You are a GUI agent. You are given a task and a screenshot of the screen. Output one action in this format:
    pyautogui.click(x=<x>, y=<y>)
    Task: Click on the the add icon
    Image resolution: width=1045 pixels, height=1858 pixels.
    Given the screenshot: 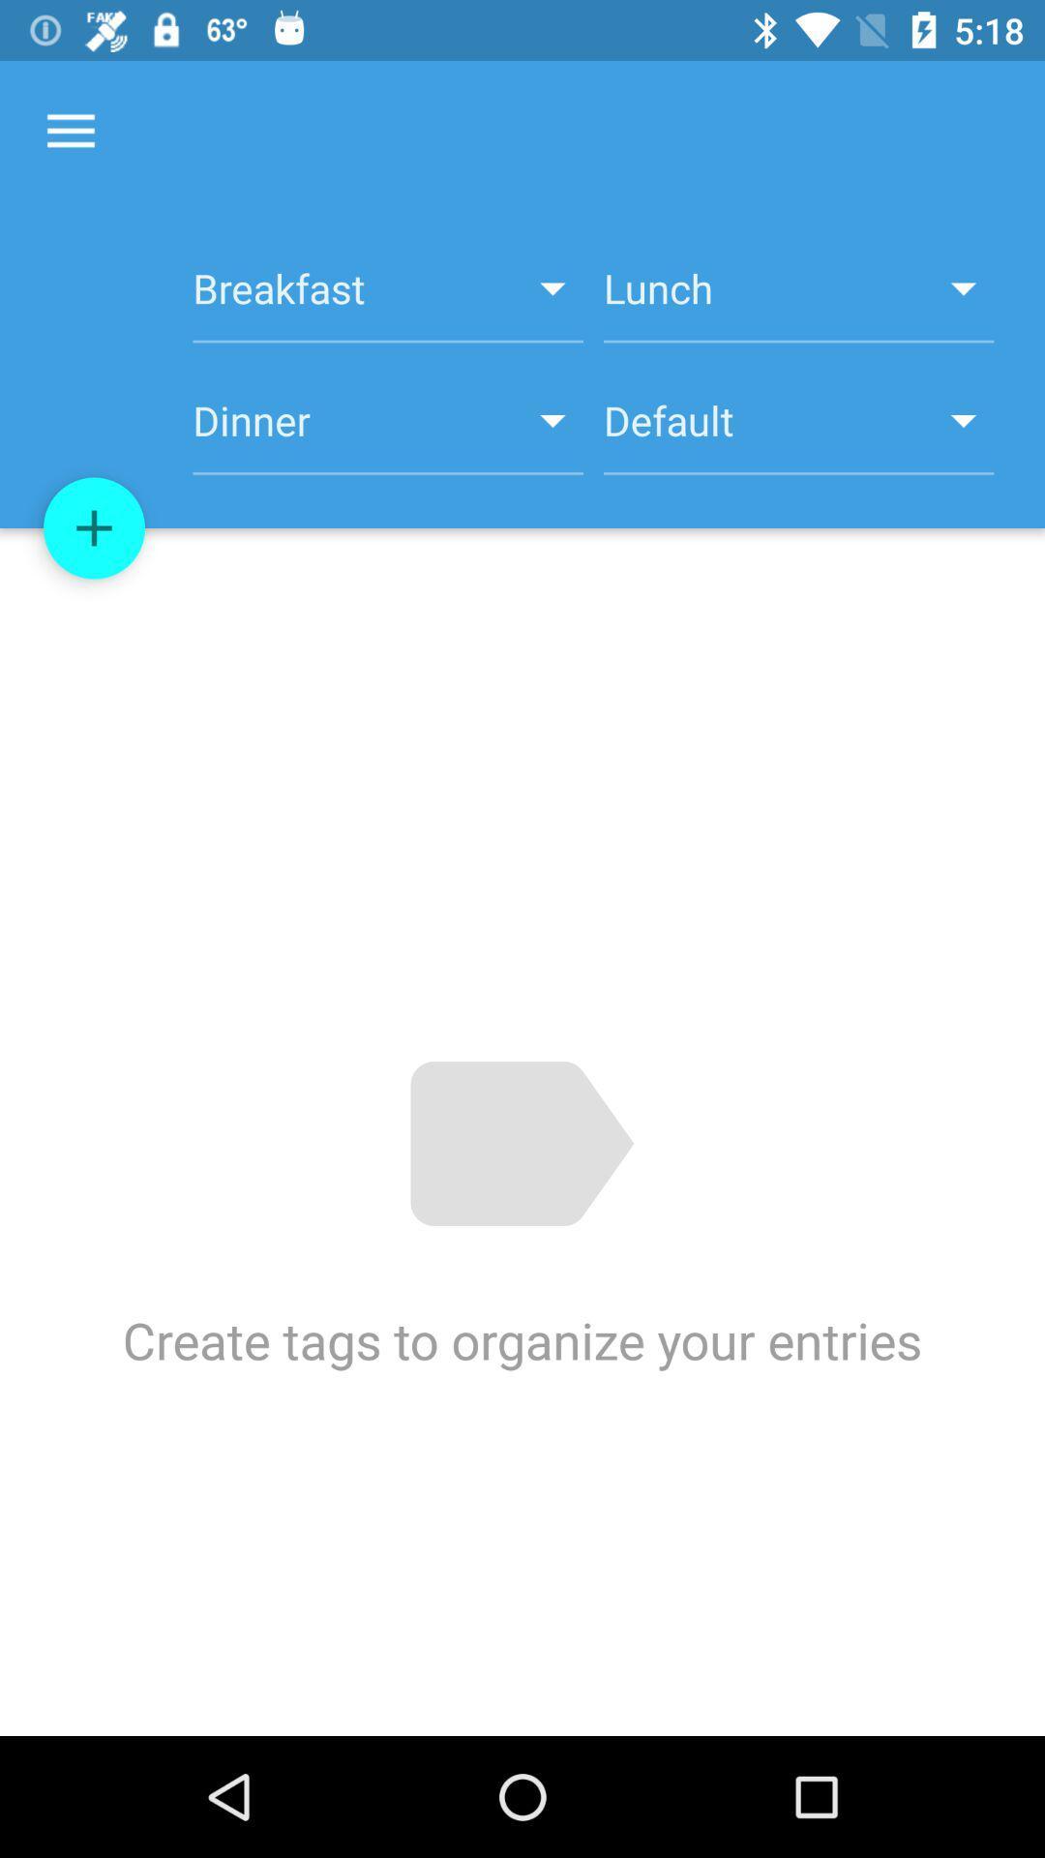 What is the action you would take?
    pyautogui.click(x=94, y=528)
    